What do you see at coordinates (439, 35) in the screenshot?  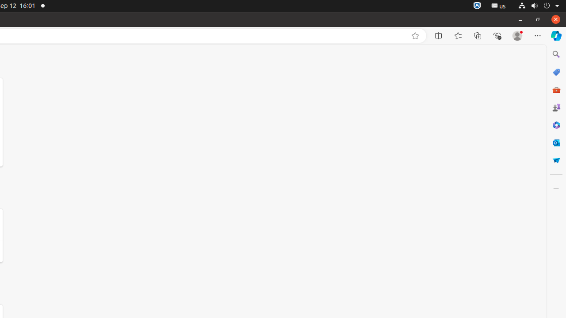 I see `'Split screen'` at bounding box center [439, 35].